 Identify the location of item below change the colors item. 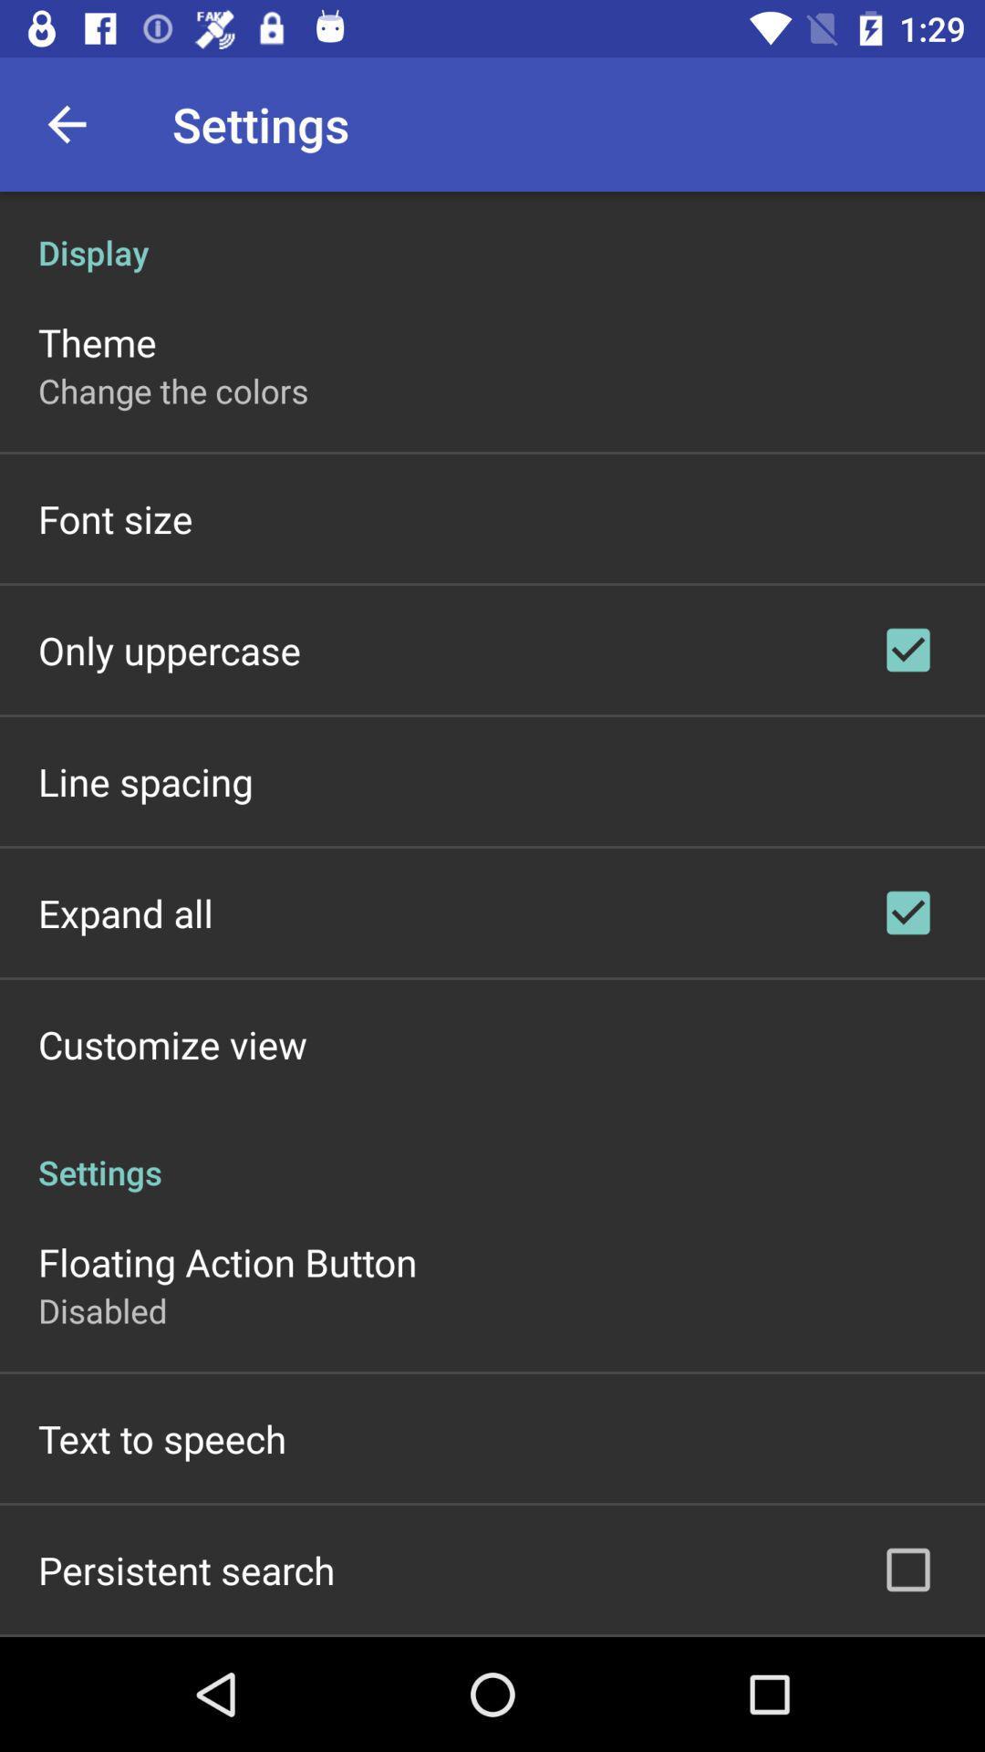
(115, 517).